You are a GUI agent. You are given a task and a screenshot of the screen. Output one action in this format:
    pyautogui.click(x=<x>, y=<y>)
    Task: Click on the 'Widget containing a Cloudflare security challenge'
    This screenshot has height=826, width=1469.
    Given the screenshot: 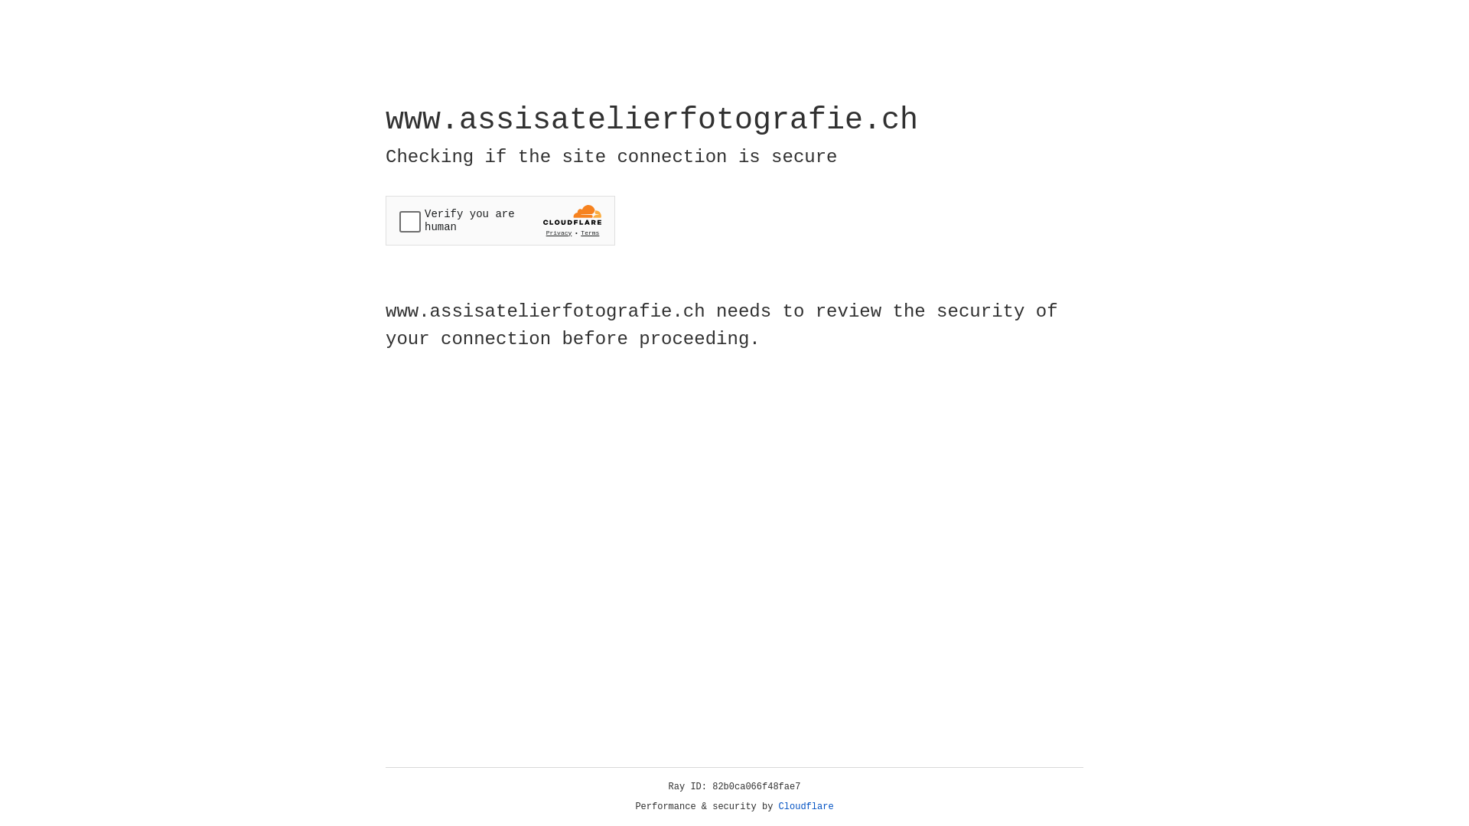 What is the action you would take?
    pyautogui.click(x=500, y=220)
    